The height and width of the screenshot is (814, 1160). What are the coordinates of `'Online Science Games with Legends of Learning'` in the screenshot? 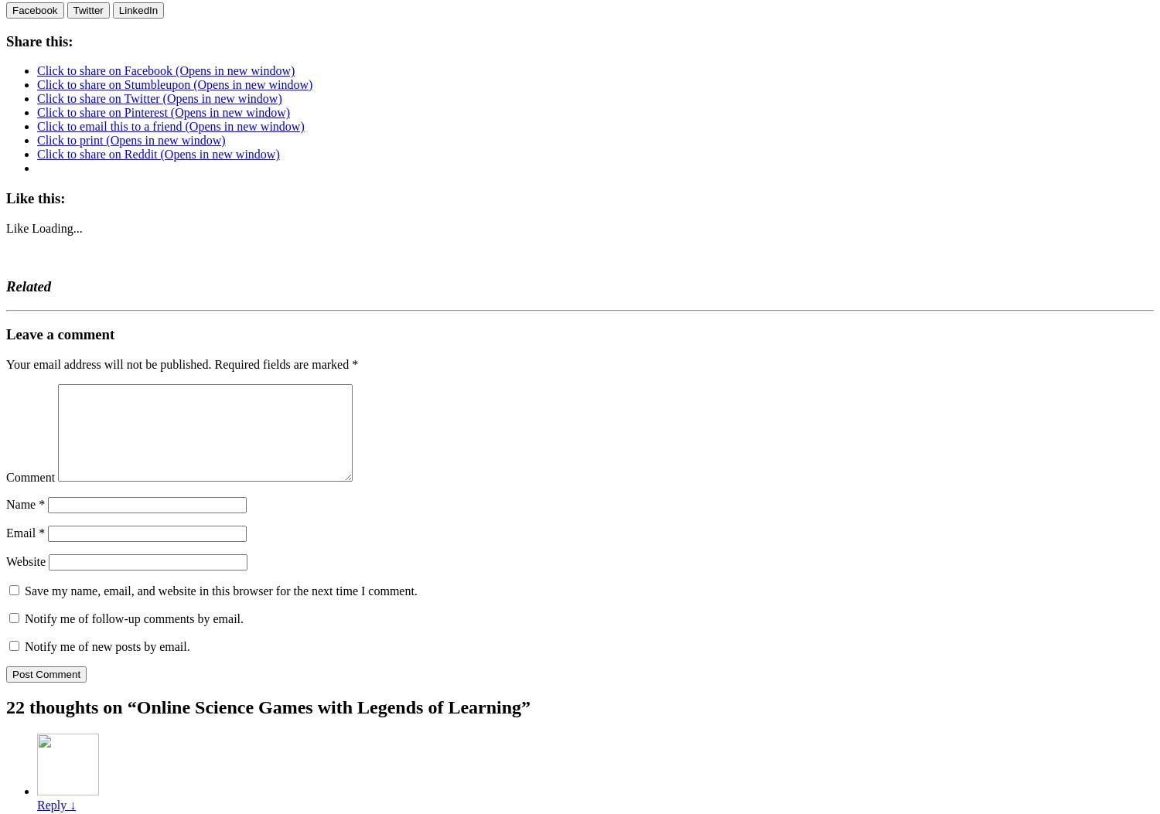 It's located at (328, 706).